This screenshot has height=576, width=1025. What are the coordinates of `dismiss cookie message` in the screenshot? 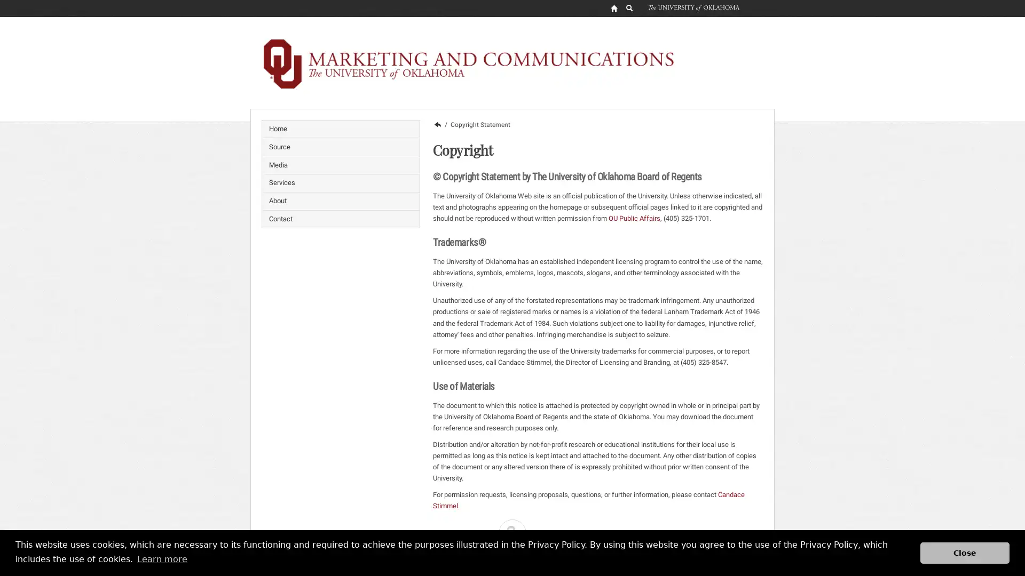 It's located at (965, 552).